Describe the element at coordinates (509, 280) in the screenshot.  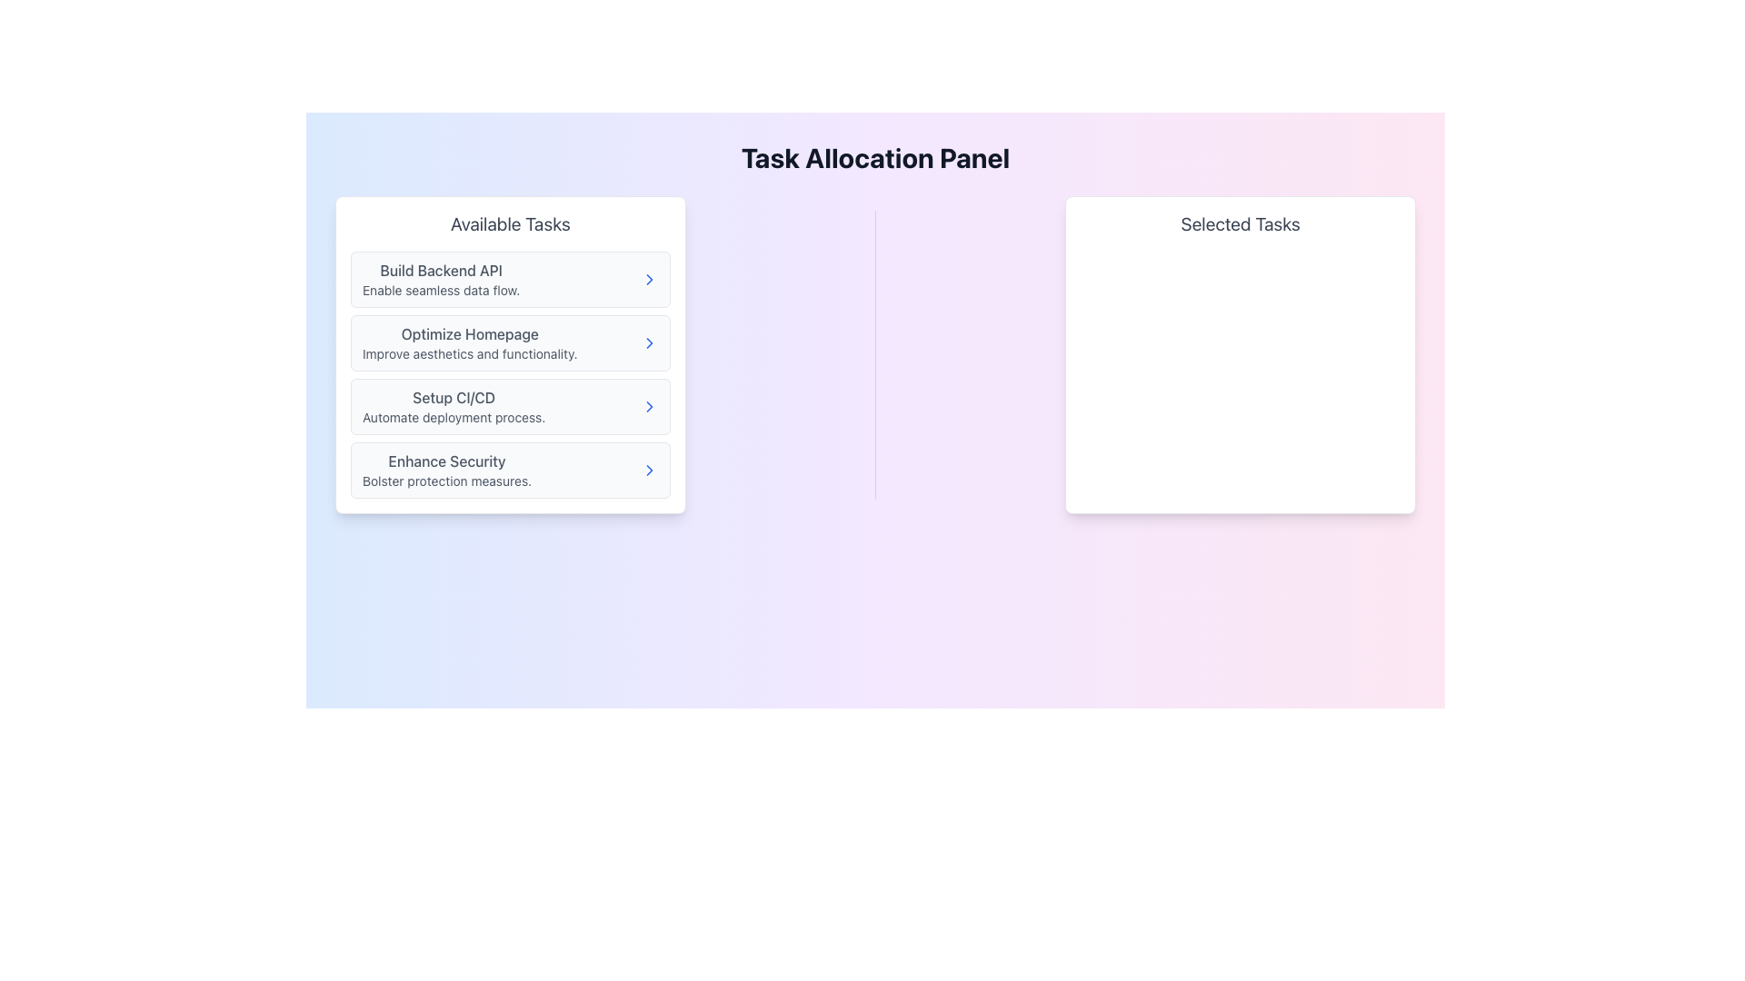
I see `the first list item labeled 'Build Backend API' within the 'Available Tasks' card for navigation purposes` at that location.